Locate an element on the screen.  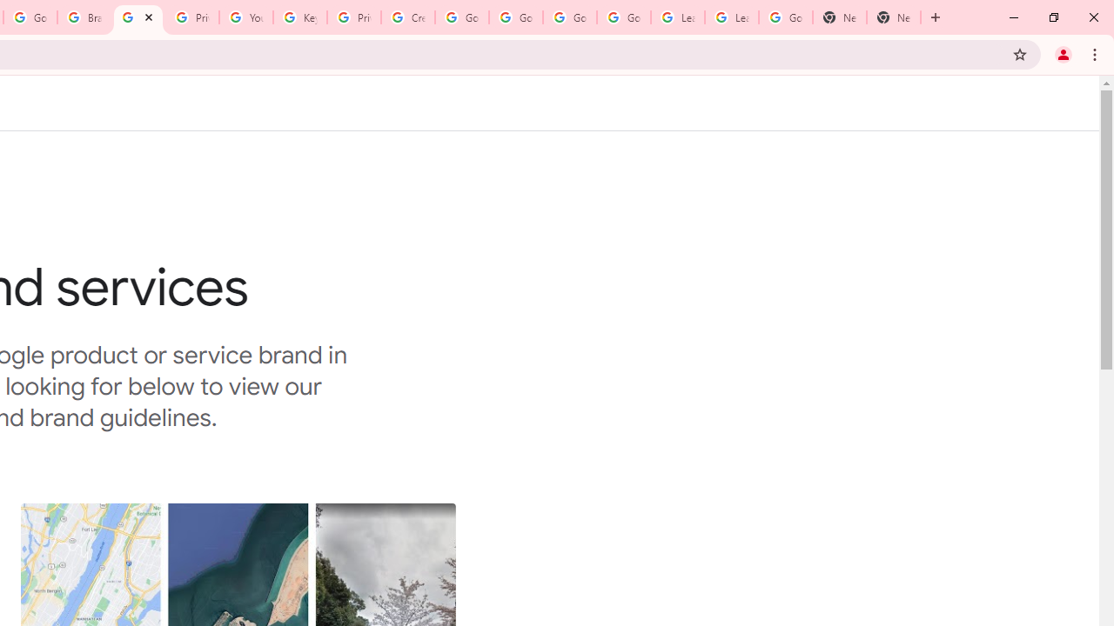
'YouTube' is located at coordinates (245, 17).